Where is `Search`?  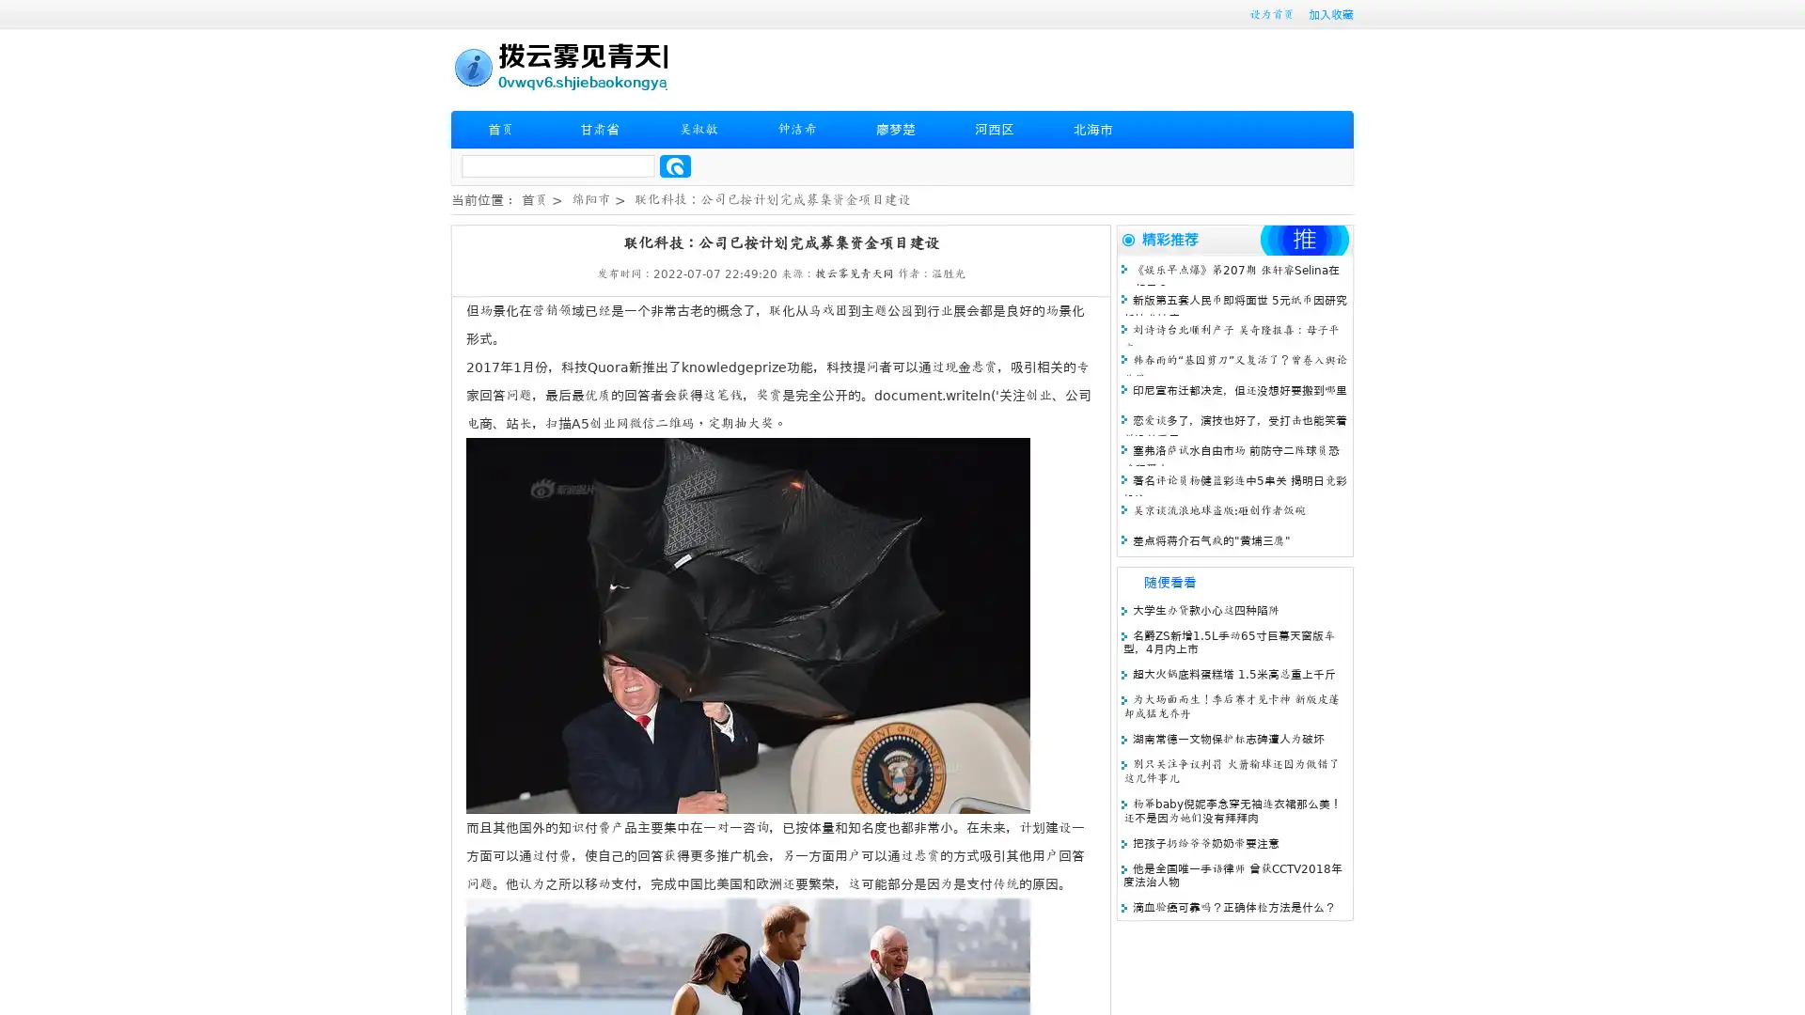
Search is located at coordinates (675, 165).